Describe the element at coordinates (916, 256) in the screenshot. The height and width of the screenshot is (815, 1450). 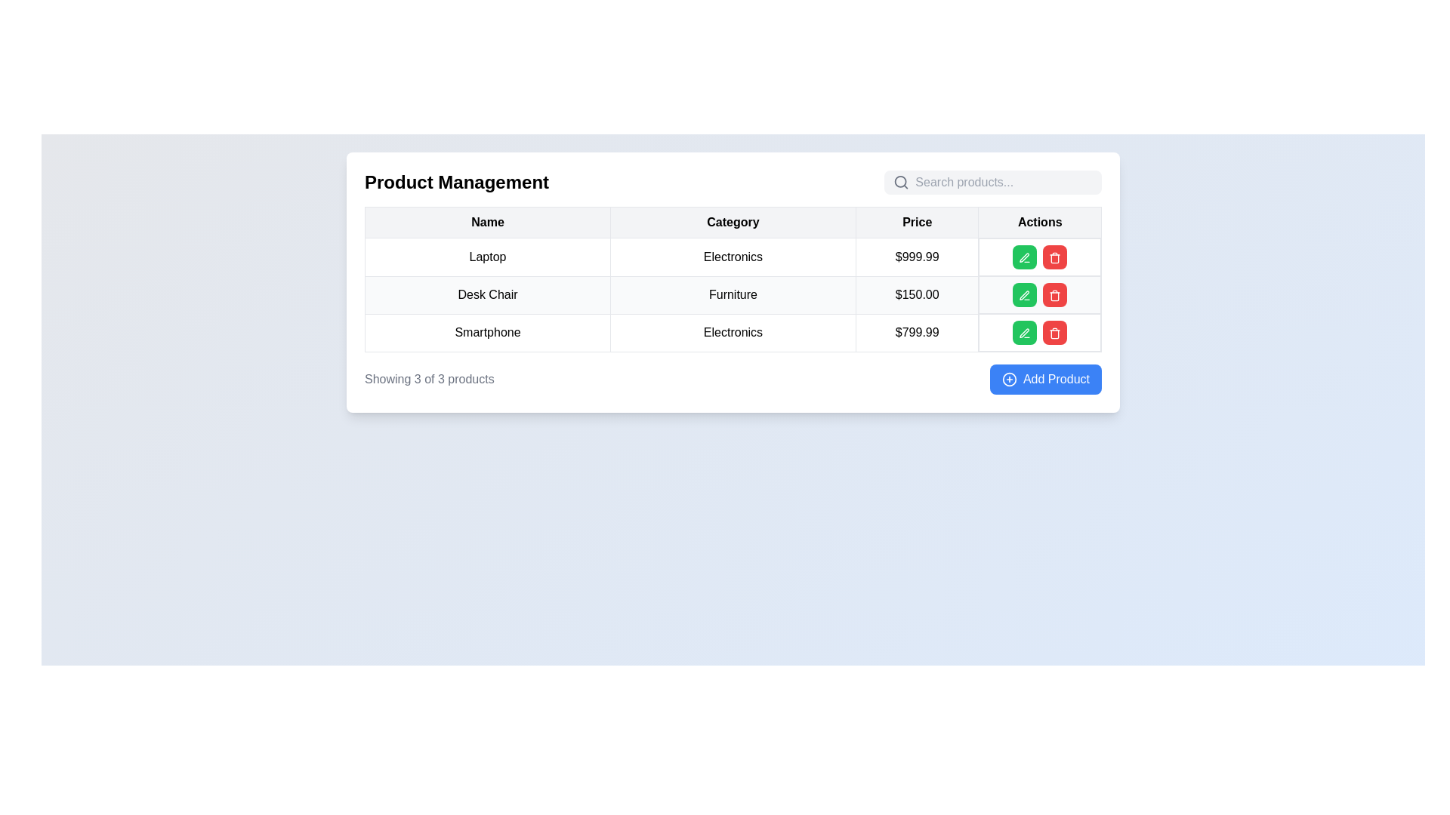
I see `the price label displaying '$999.99' in black text, located under the 'Price' column and aligned with the 'Laptop' row` at that location.